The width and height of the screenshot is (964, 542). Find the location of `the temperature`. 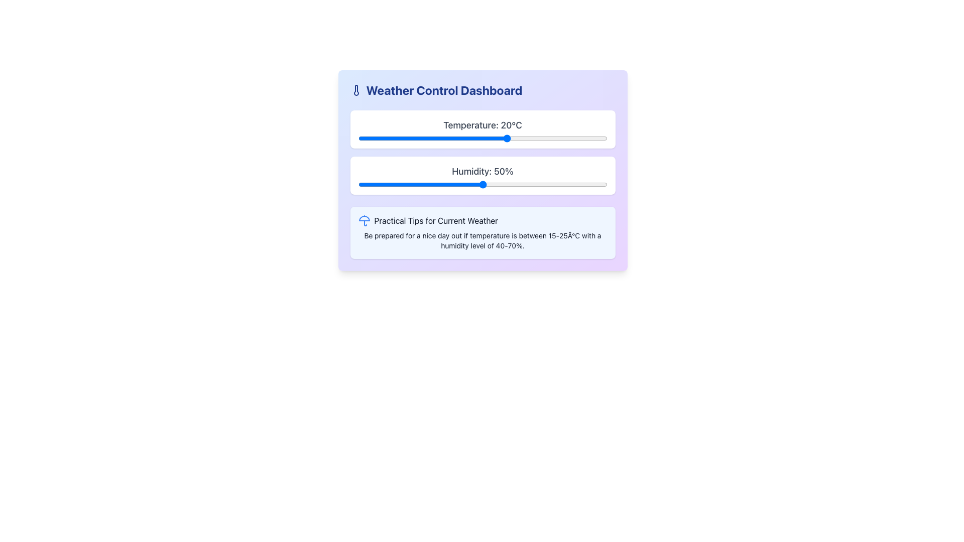

the temperature is located at coordinates (513, 139).